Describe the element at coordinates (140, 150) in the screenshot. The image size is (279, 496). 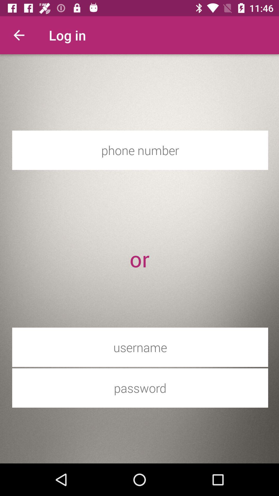
I see `the phone number` at that location.